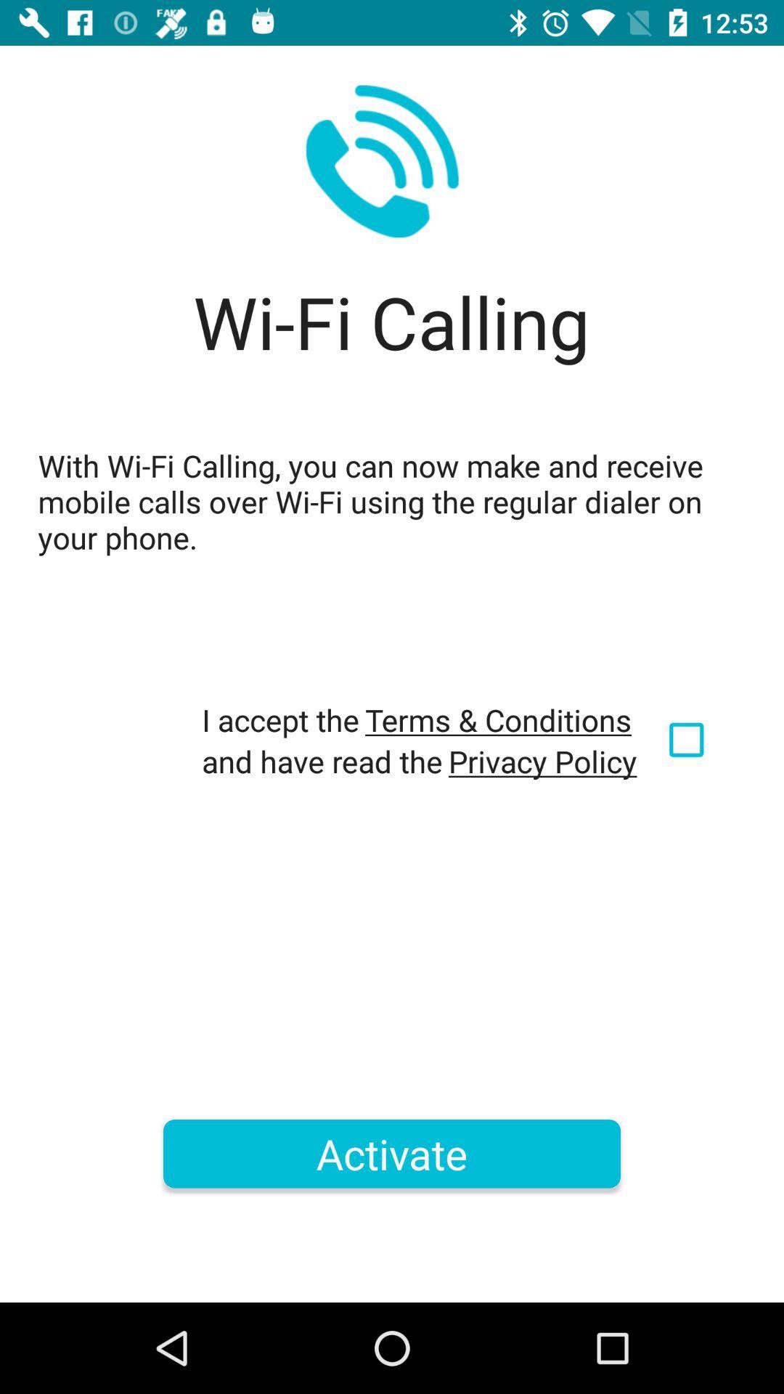 Image resolution: width=784 pixels, height=1394 pixels. Describe the element at coordinates (392, 1153) in the screenshot. I see `the icon below and have read` at that location.